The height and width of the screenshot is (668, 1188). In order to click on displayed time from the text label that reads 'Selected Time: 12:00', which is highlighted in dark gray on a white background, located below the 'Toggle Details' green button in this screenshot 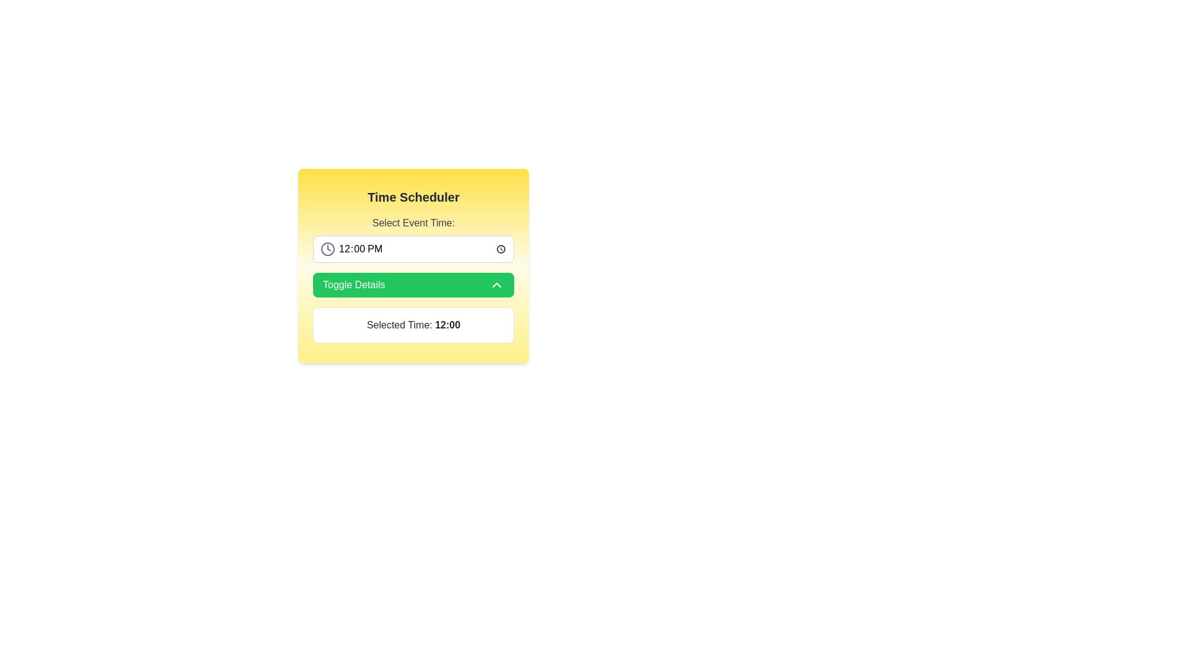, I will do `click(413, 324)`.